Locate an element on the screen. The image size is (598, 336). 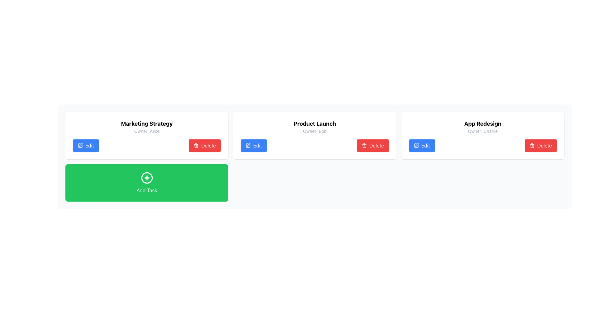
the trash icon within the red 'Delete' button associated with the 'Product Launch' card located in the second column of the UI layout is located at coordinates (364, 145).